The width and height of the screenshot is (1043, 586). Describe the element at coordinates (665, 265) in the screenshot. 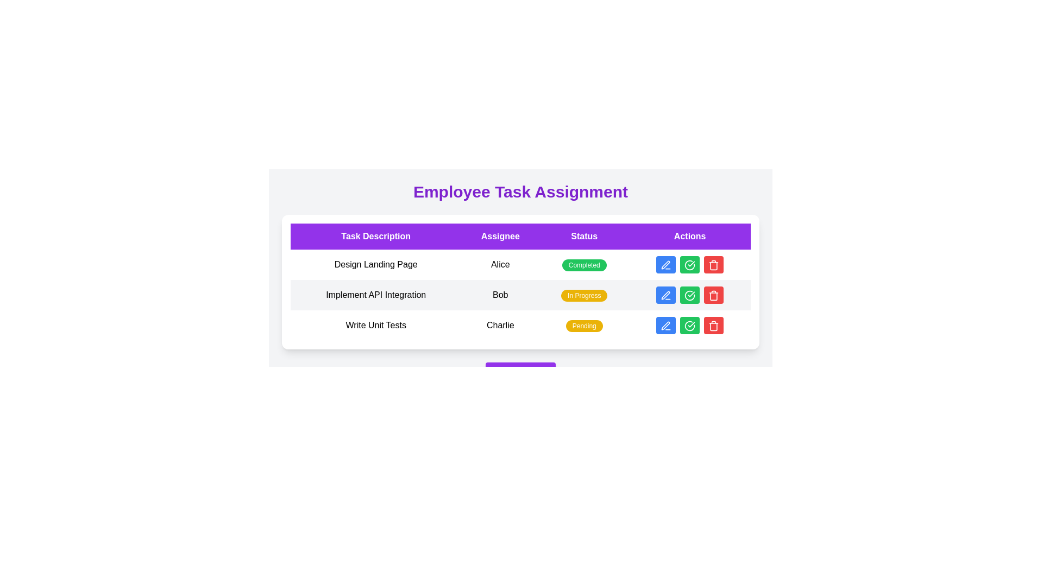

I see `the blue pen icon button in the action column for the 'Design Landing Page' row to initiate editing` at that location.